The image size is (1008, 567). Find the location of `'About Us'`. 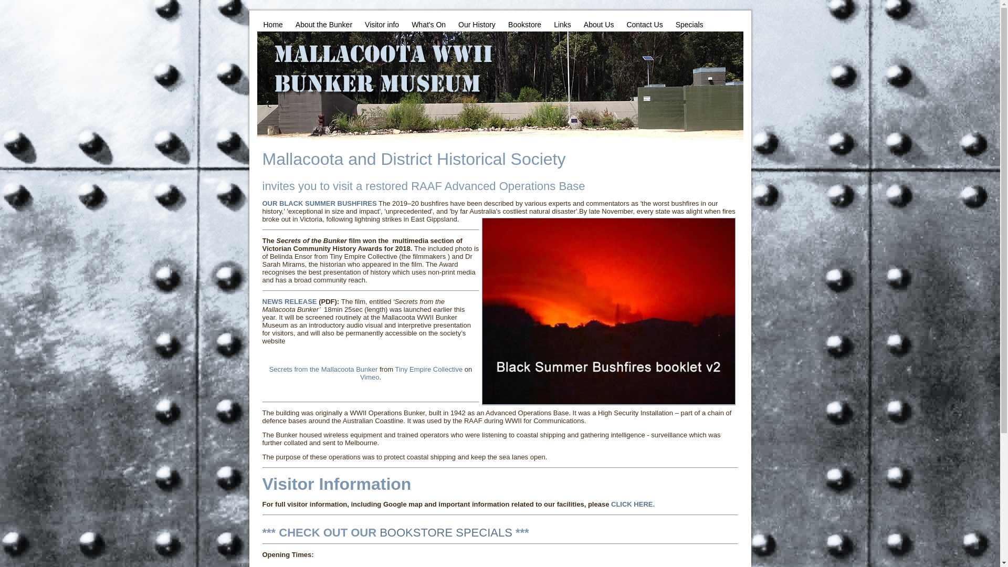

'About Us' is located at coordinates (599, 24).